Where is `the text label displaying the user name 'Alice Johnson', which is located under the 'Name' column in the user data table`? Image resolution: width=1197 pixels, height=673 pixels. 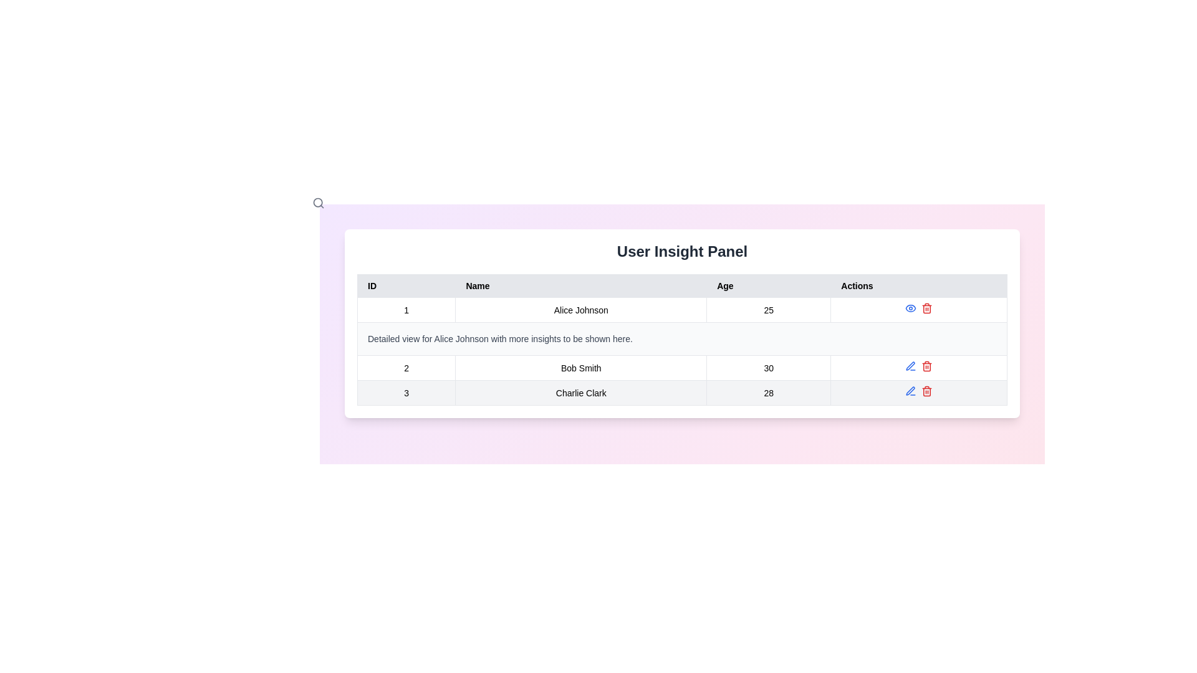 the text label displaying the user name 'Alice Johnson', which is located under the 'Name' column in the user data table is located at coordinates (580, 309).